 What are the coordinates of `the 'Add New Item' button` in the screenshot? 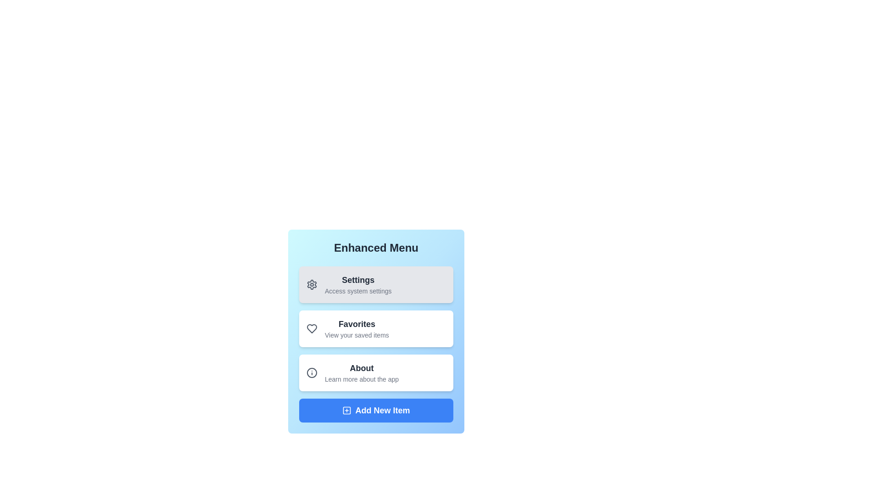 It's located at (376, 410).